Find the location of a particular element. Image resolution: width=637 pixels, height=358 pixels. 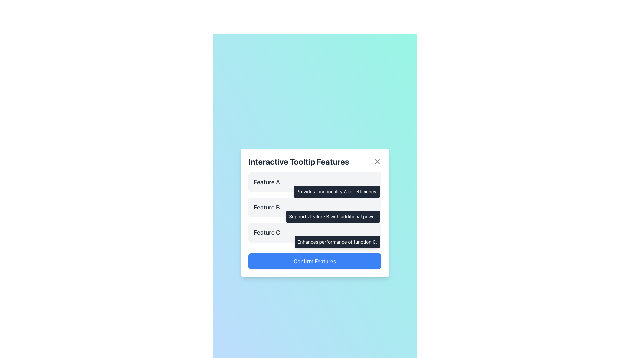

displayed information from the Descriptive Information Block labeled 'Feature A' which includes a tooltip-style description 'Provides functionality A for efficiency.' is located at coordinates (315, 182).